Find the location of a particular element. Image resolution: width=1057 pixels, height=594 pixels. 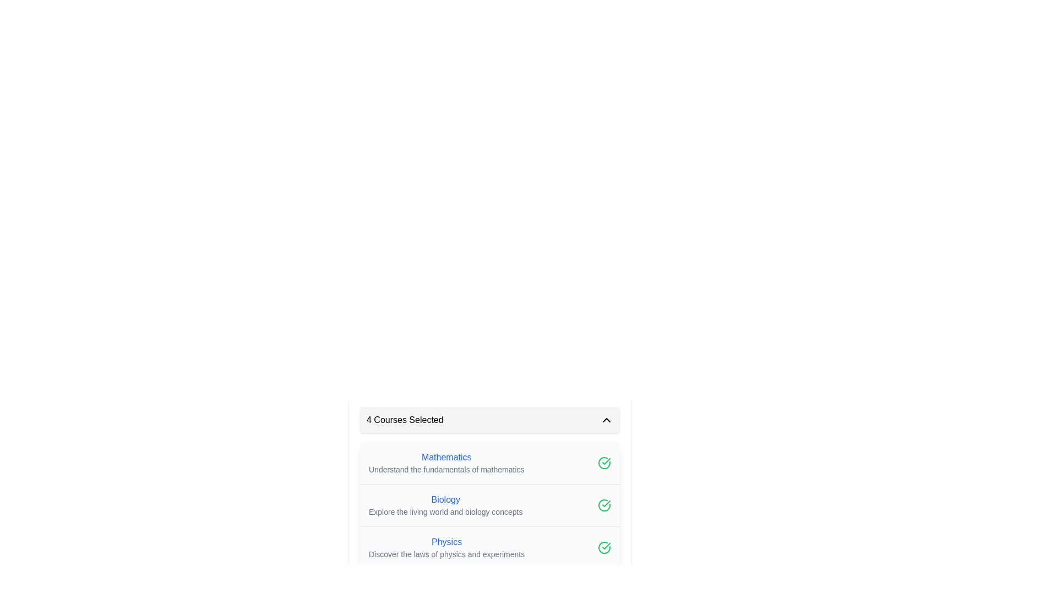

the green checkmark icon of the second list item related to the 'Biology' course, which is positioned below 'Mathematics' and above 'Physics' in the '4 Courses Selected' section is located at coordinates (489, 505).